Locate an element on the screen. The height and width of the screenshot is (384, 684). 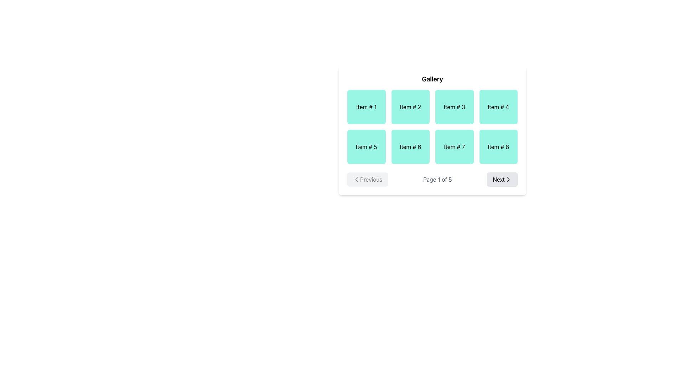
text label 'Item # 6' located in the second row, second column of the grid layout is located at coordinates (410, 146).